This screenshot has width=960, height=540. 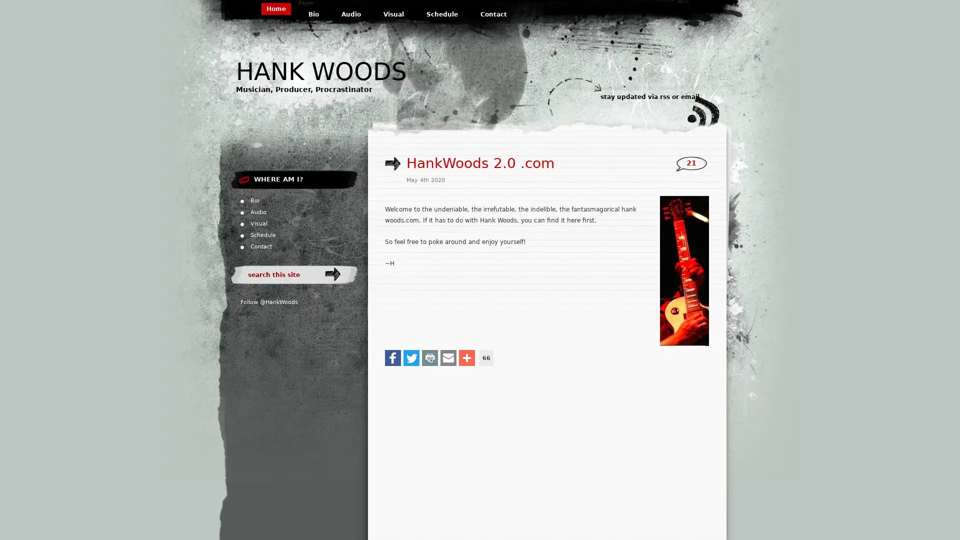 What do you see at coordinates (411, 356) in the screenshot?
I see `Share to Twitter` at bounding box center [411, 356].